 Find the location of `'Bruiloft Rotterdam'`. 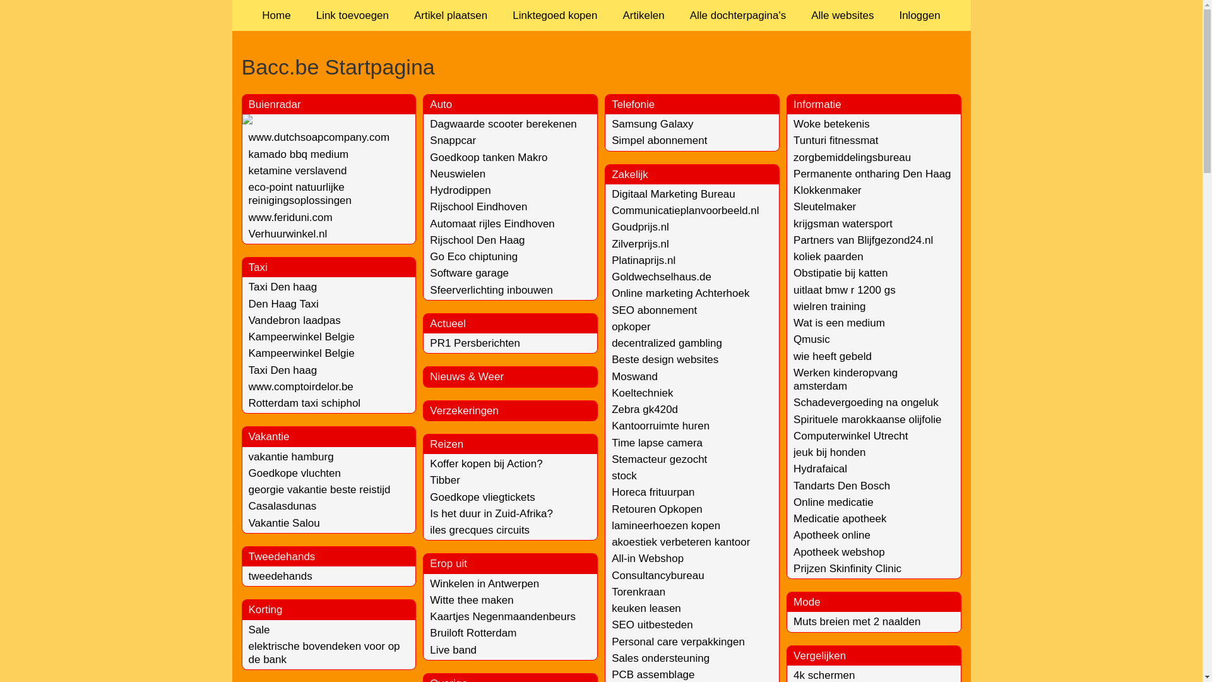

'Bruiloft Rotterdam' is located at coordinates (472, 633).